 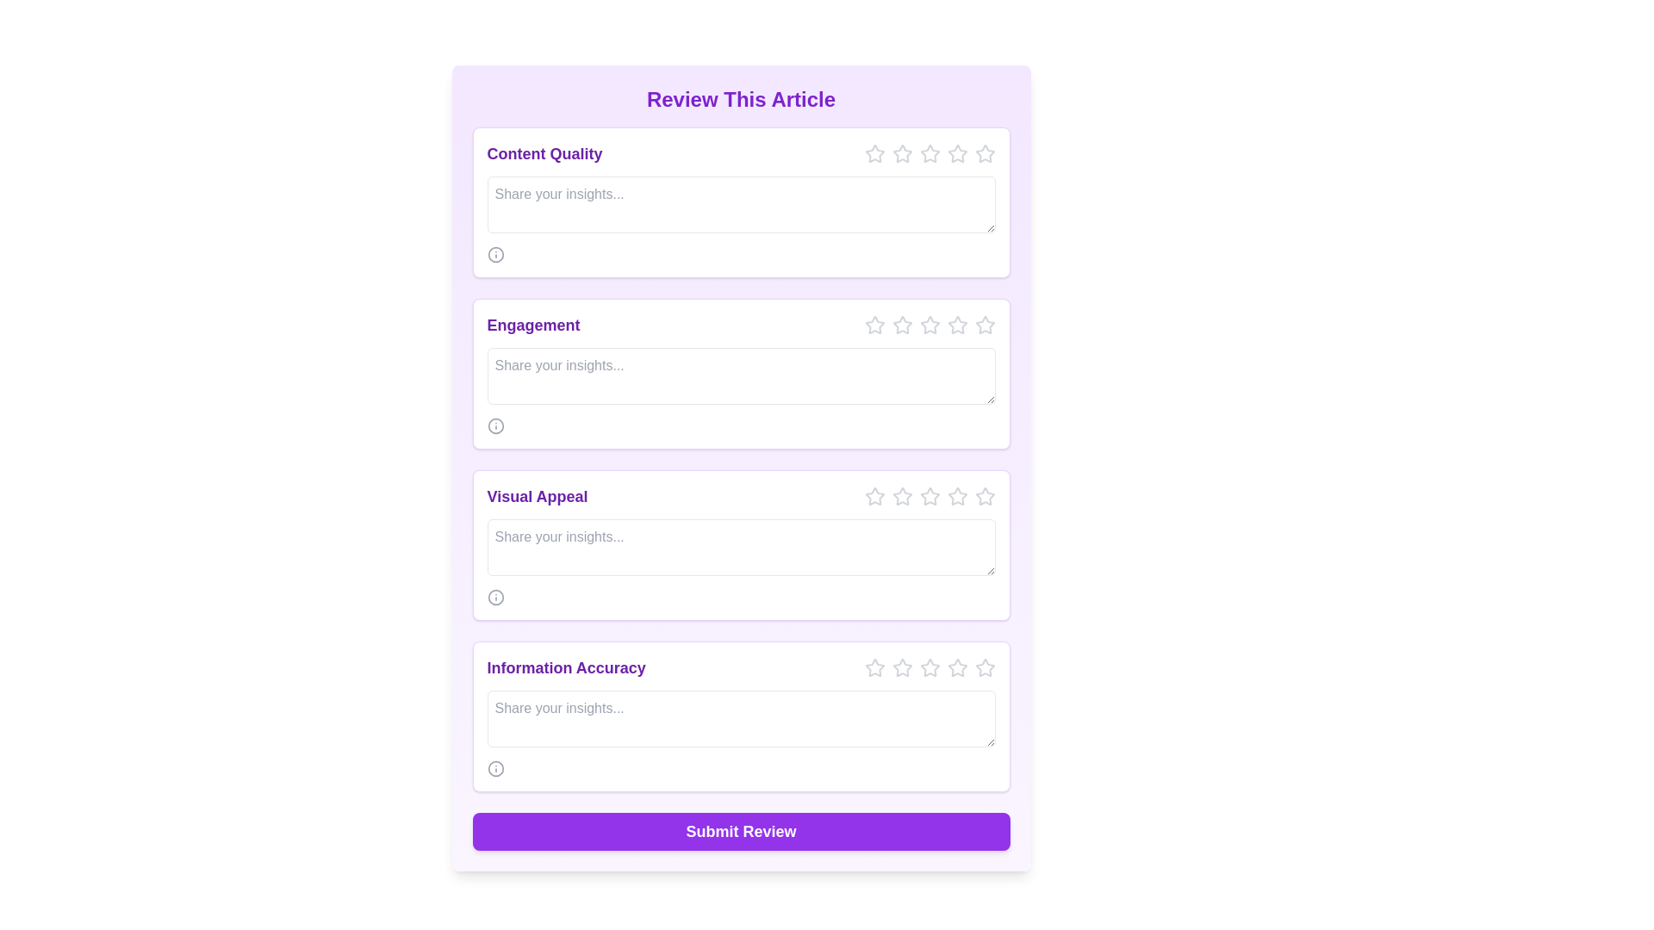 What do you see at coordinates (874, 152) in the screenshot?
I see `the first star icon in the 'Content Quality' section` at bounding box center [874, 152].